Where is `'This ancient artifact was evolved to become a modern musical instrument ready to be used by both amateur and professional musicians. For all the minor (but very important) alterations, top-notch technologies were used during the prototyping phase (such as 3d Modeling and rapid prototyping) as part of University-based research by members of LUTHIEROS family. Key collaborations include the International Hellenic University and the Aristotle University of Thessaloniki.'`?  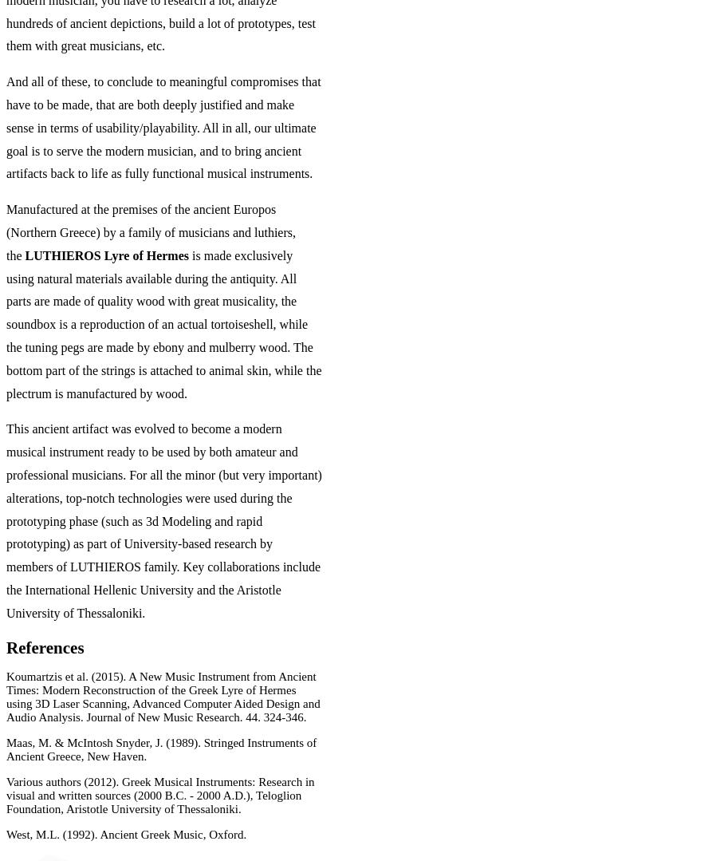
'This ancient artifact was evolved to become a modern musical instrument ready to be used by both amateur and professional musicians. For all the minor (but very important) alterations, top-notch technologies were used during the prototyping phase (such as 3d Modeling and rapid prototyping) as part of University-based research by members of LUTHIEROS family. Key collaborations include the International Hellenic University and the Aristotle University of Thessaloniki.' is located at coordinates (163, 519).